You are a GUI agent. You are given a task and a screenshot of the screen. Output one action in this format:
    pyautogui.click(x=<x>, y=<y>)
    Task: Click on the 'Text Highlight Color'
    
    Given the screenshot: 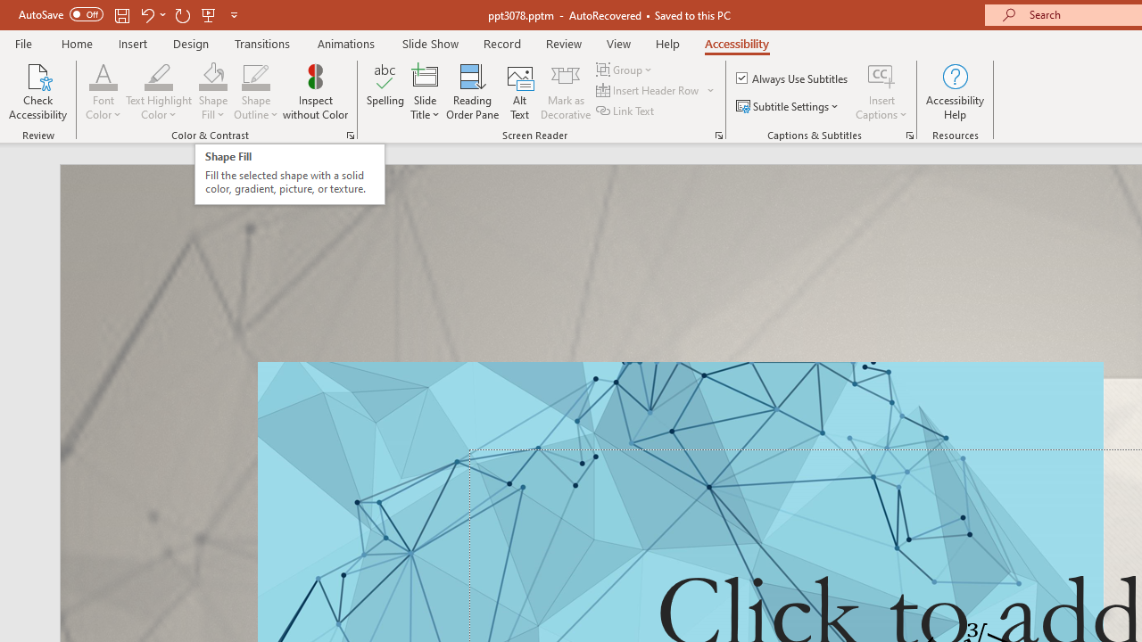 What is the action you would take?
    pyautogui.click(x=159, y=92)
    